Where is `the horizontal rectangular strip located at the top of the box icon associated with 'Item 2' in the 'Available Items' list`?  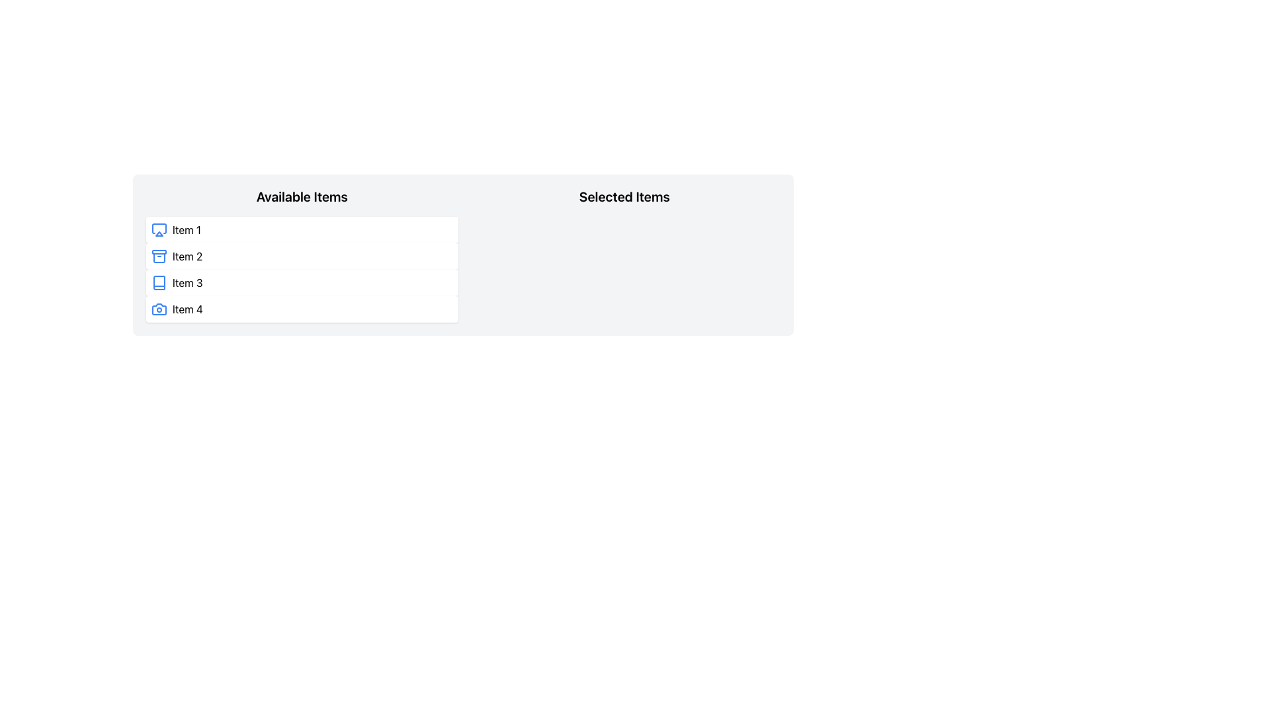 the horizontal rectangular strip located at the top of the box icon associated with 'Item 2' in the 'Available Items' list is located at coordinates (159, 252).